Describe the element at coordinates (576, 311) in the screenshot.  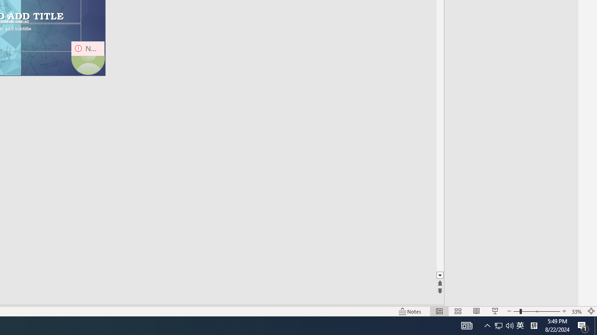
I see `'Zoom 33%'` at that location.